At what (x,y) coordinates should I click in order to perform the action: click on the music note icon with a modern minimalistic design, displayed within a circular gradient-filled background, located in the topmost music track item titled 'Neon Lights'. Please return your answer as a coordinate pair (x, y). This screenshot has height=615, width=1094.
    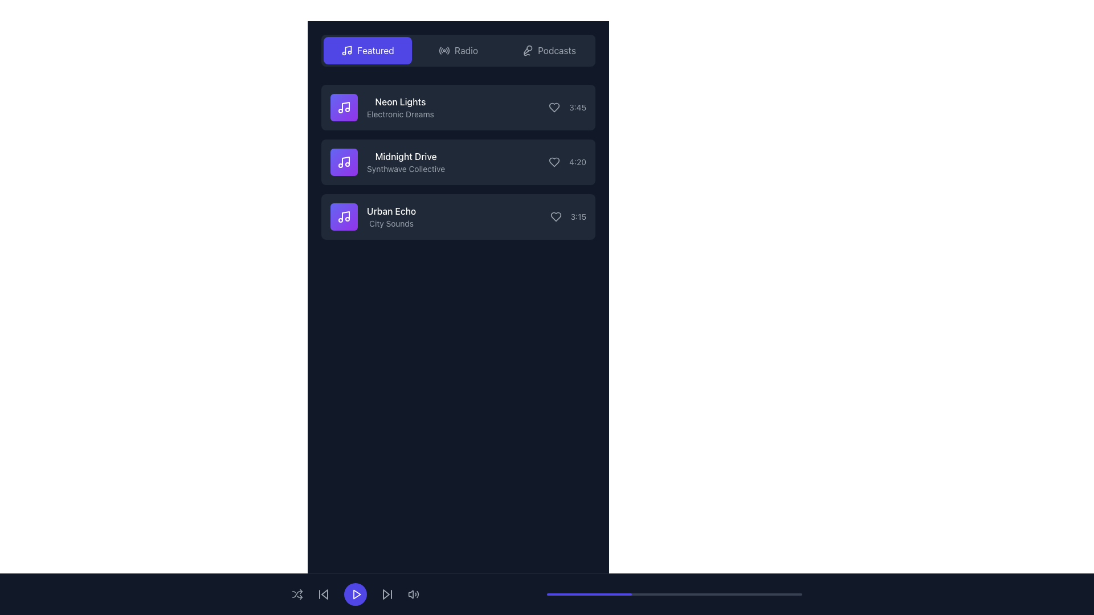
    Looking at the image, I should click on (344, 108).